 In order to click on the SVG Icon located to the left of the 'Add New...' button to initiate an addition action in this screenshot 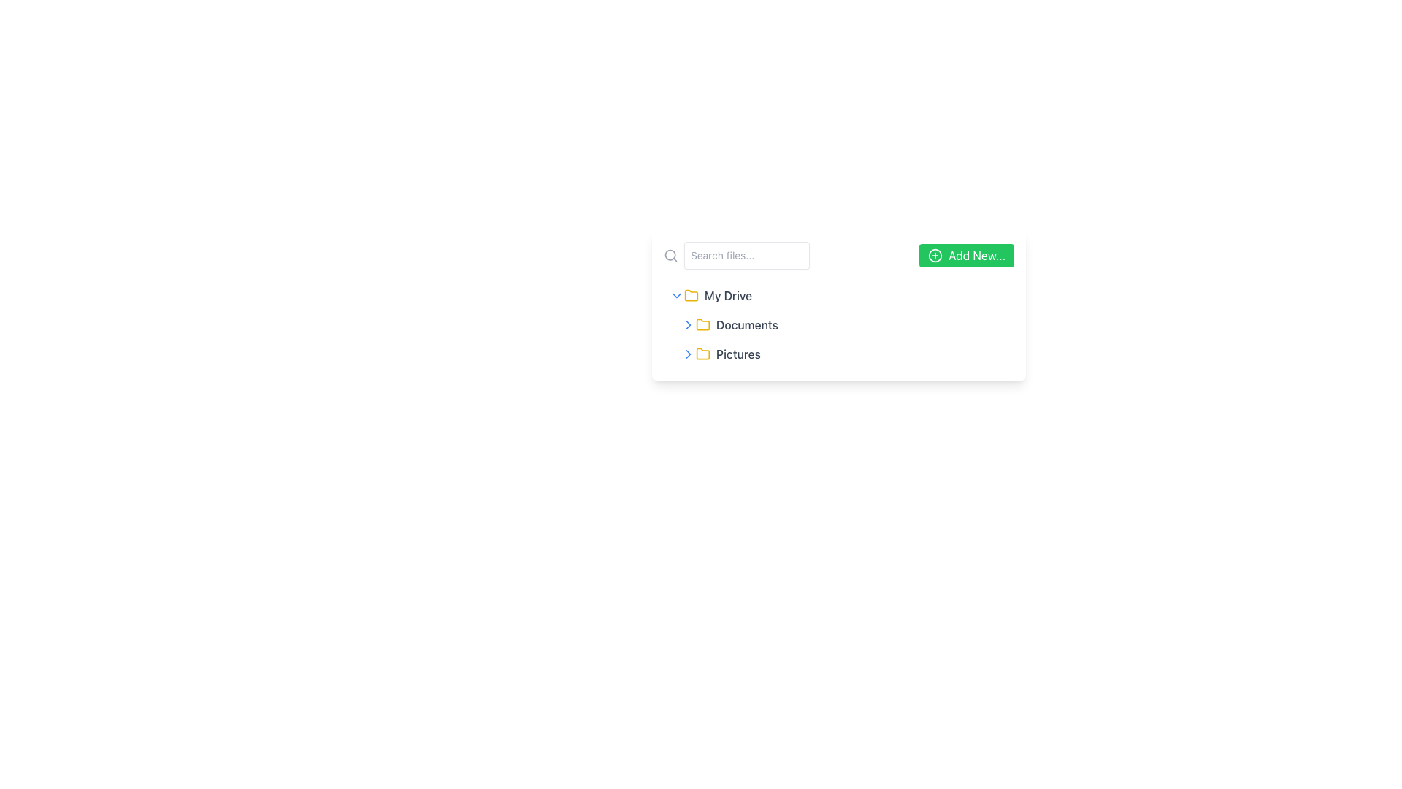, I will do `click(935, 255)`.